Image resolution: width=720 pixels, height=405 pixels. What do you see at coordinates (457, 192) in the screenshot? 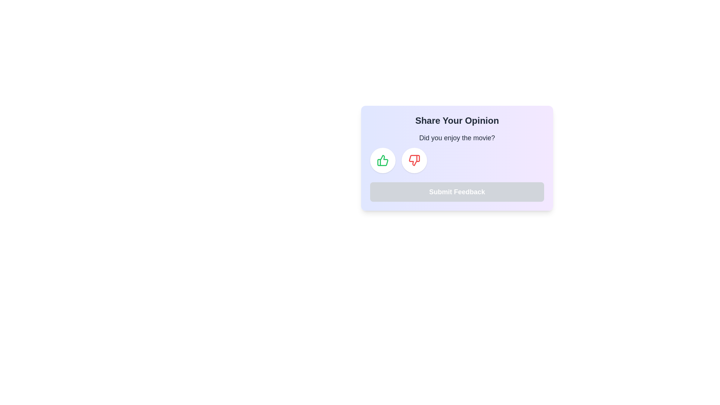
I see `the 'Submit Feedback' button, which has a light gray background and white bold text, positioned below the question 'Did you enjoy the movie?'` at bounding box center [457, 192].